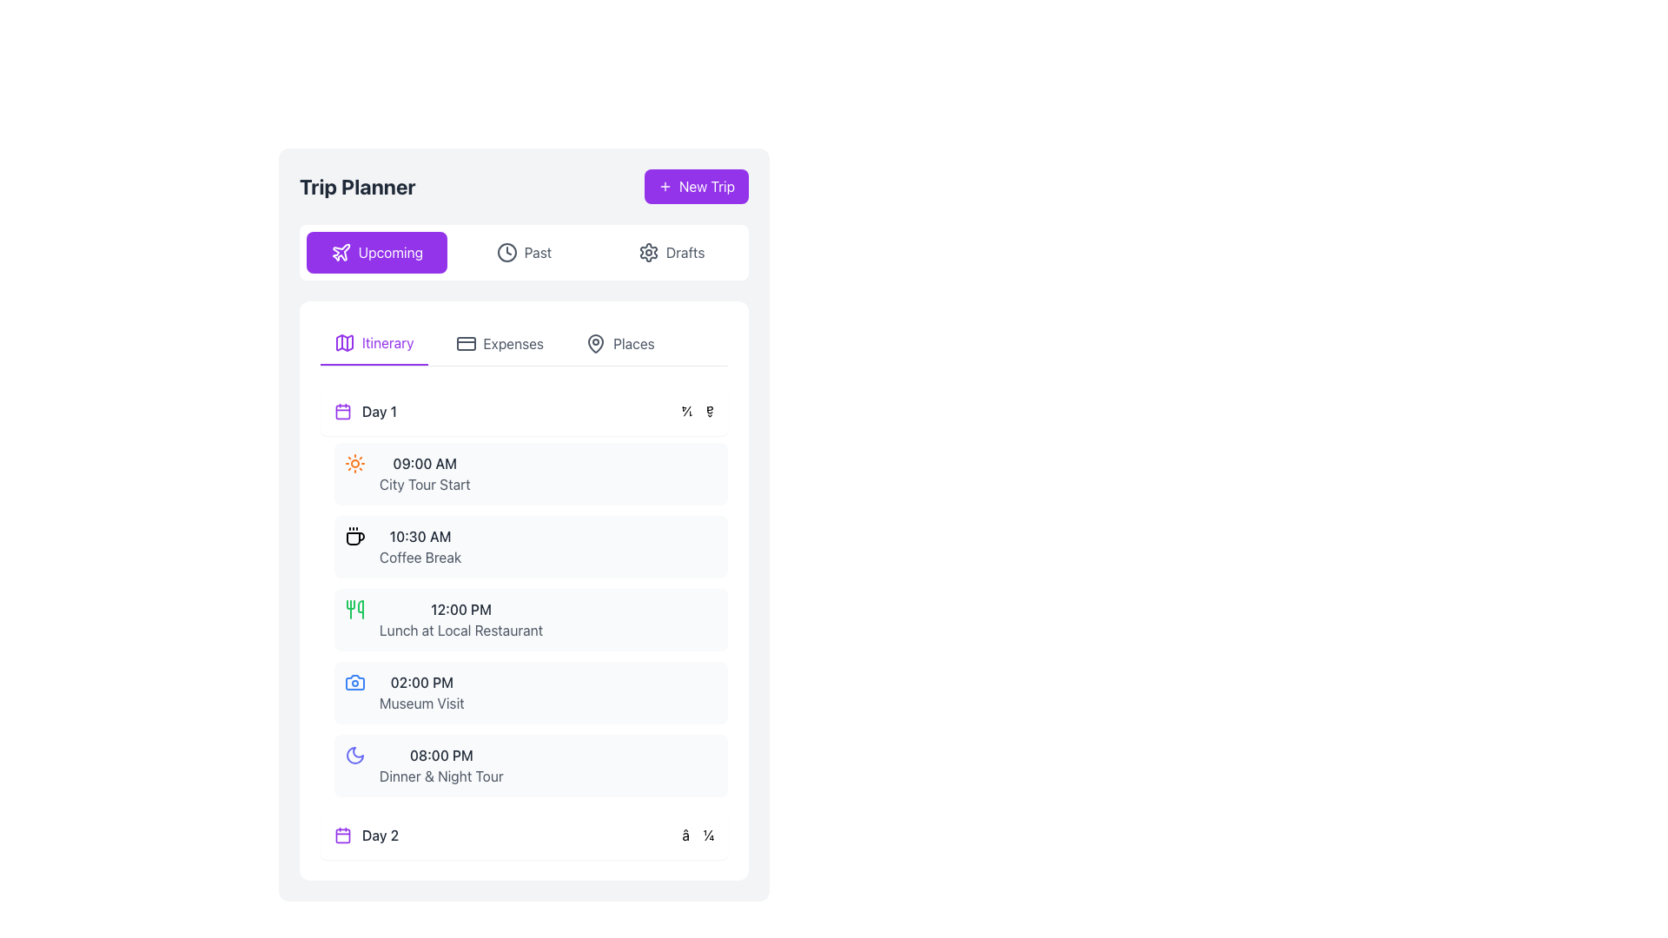  I want to click on the label displaying the start time for the 'City Tour Start' event on 'Day 1' of the schedule, which is positioned below the sun icon, so click(425, 462).